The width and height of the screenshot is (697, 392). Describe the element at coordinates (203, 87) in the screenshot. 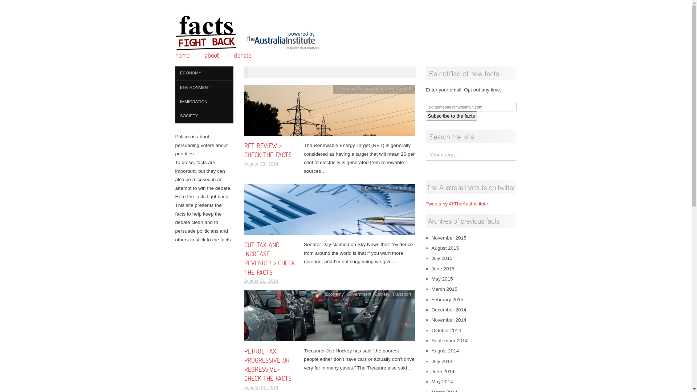

I see `'ENVIRONMENT'` at that location.